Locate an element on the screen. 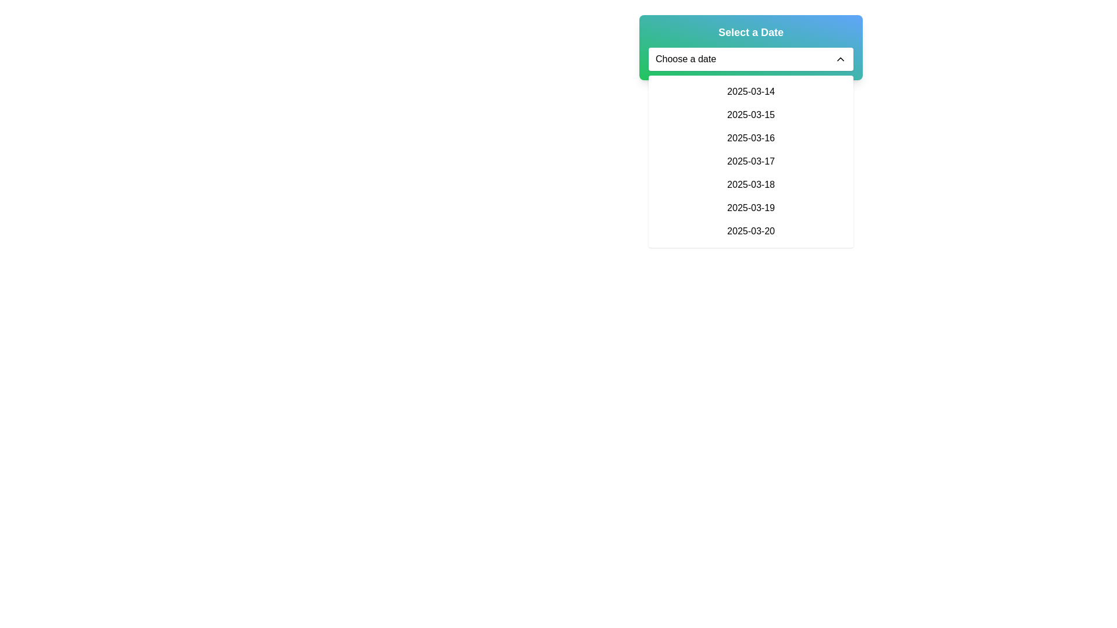 The height and width of the screenshot is (628, 1117). the Dropdown menu located within the 'Select a Date' card is located at coordinates (751, 59).